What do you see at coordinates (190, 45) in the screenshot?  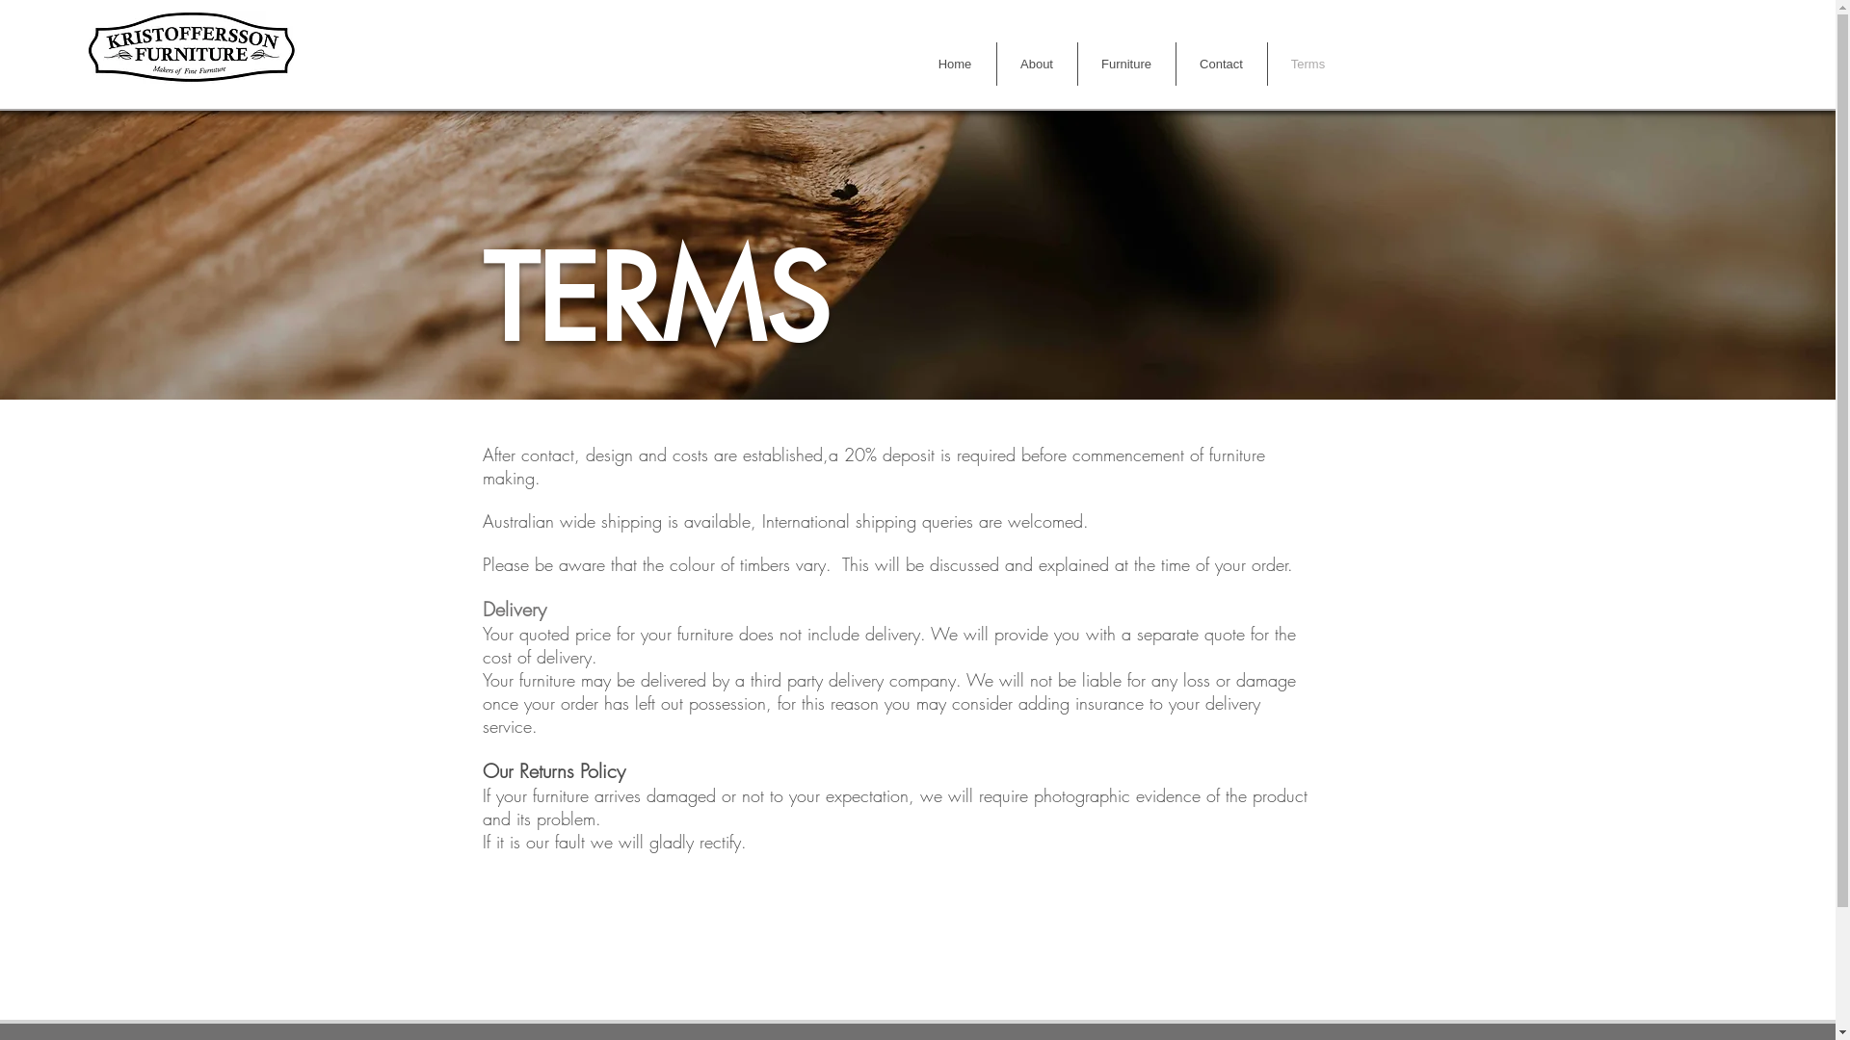 I see `'Kristofferson | Makers of fine furniture'` at bounding box center [190, 45].